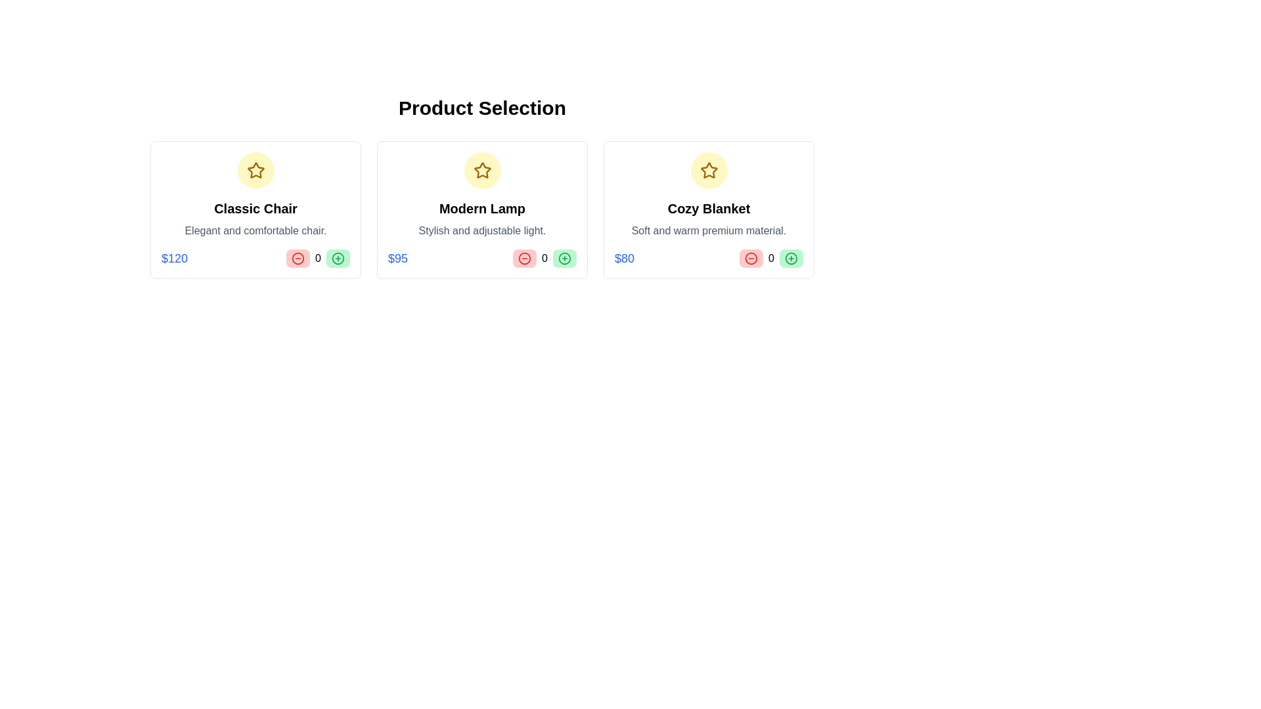 This screenshot has height=709, width=1261. What do you see at coordinates (708, 169) in the screenshot?
I see `the visual indicator icon located in the upper part of the second product card` at bounding box center [708, 169].